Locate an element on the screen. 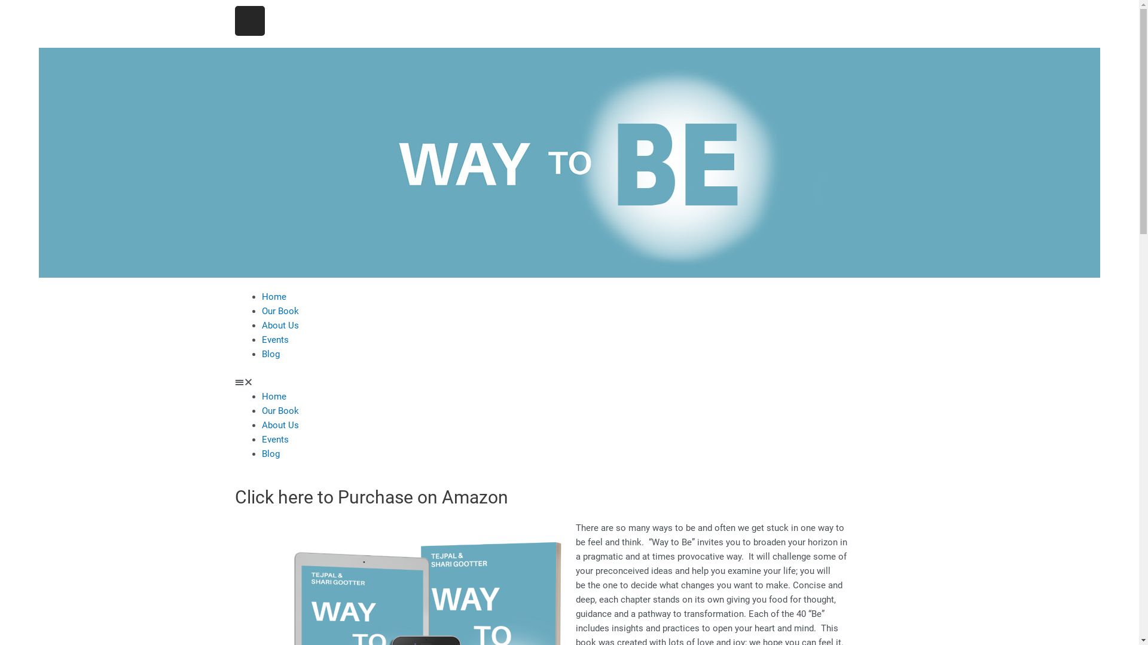  'Events' is located at coordinates (274, 340).